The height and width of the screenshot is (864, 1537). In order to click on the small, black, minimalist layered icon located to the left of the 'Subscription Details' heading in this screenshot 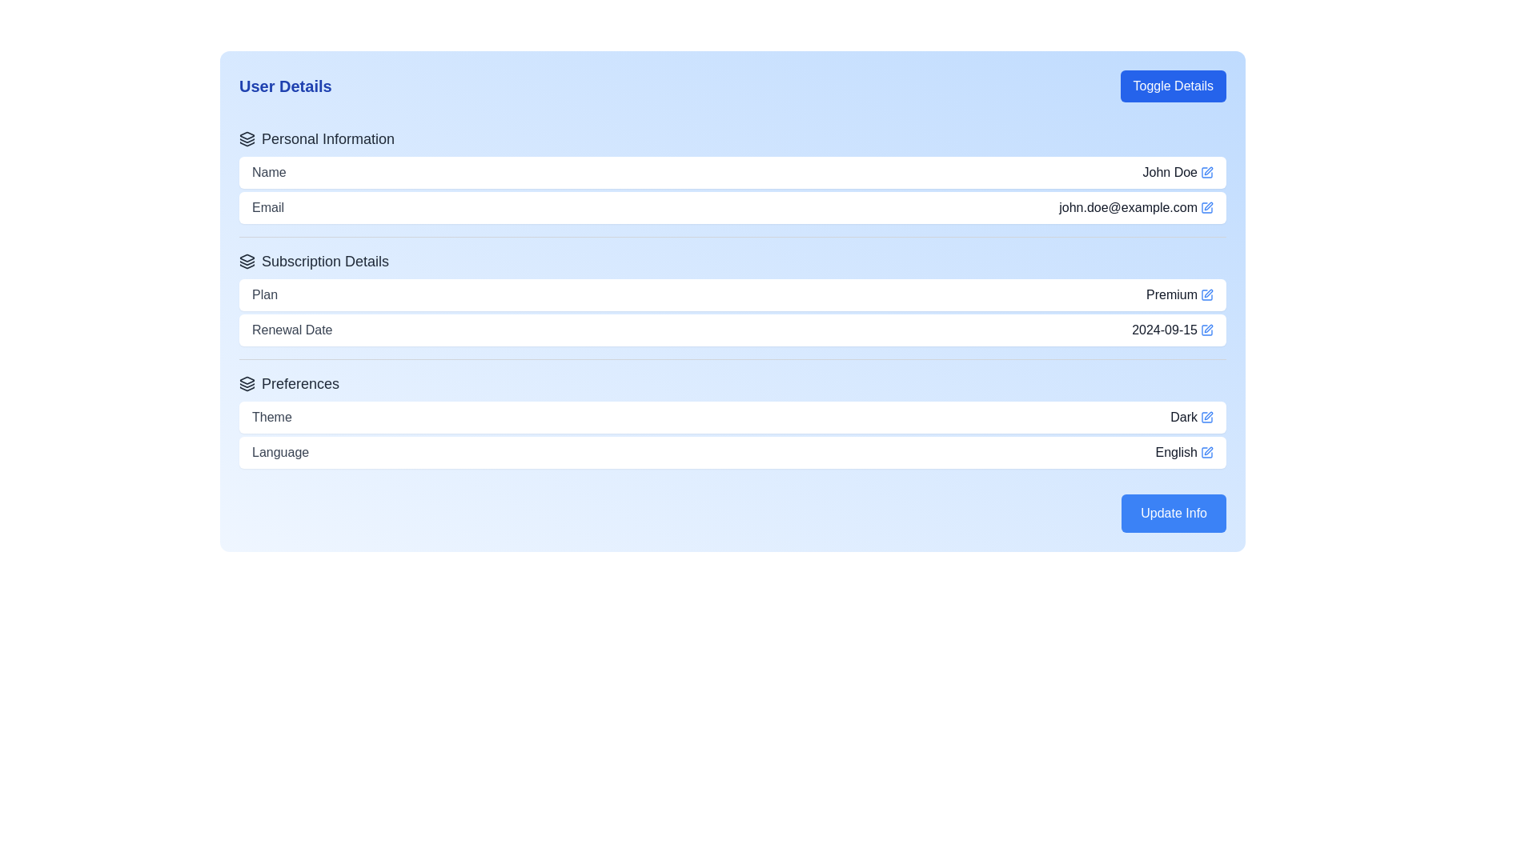, I will do `click(246, 261)`.